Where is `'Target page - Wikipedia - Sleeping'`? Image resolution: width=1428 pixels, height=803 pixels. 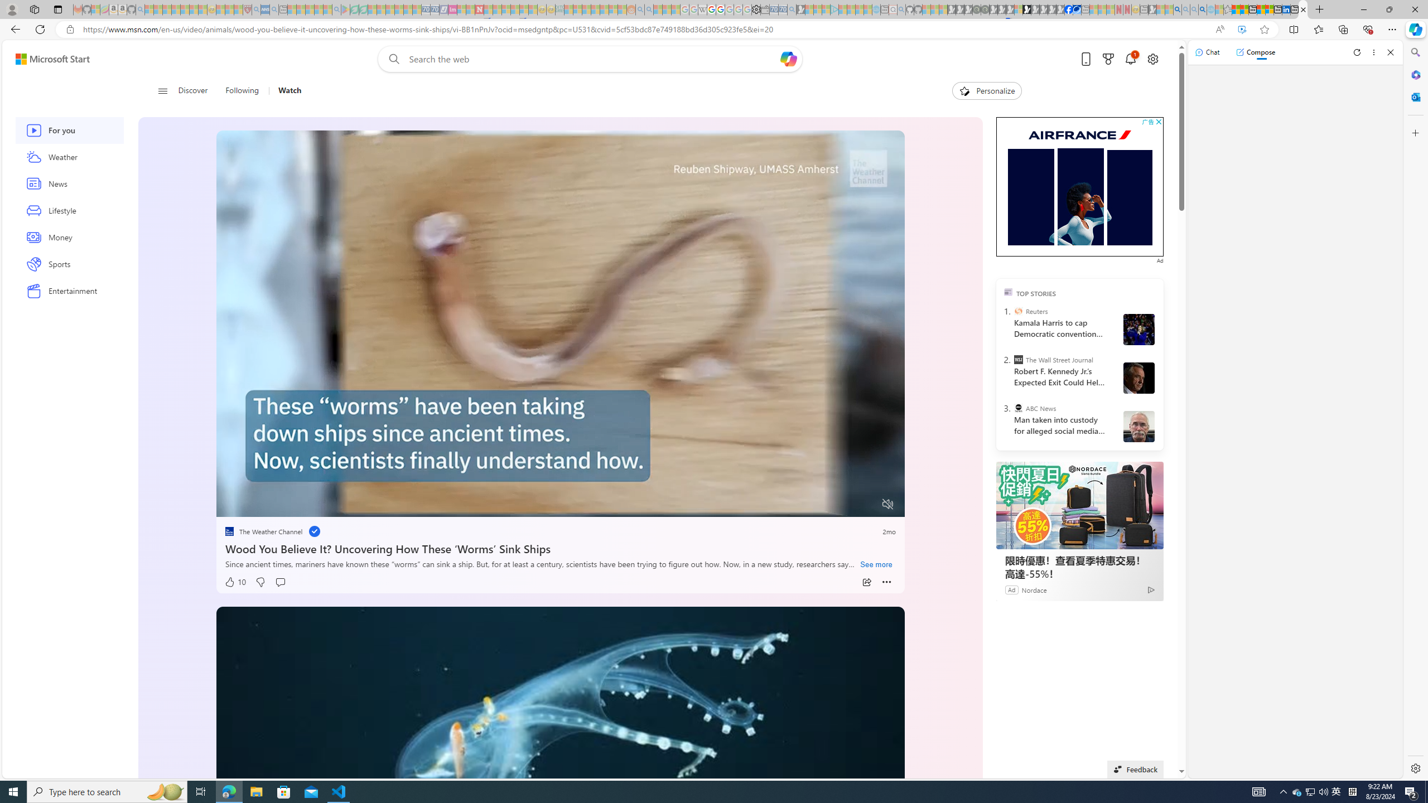
'Target page - Wikipedia - Sleeping' is located at coordinates (702, 9).